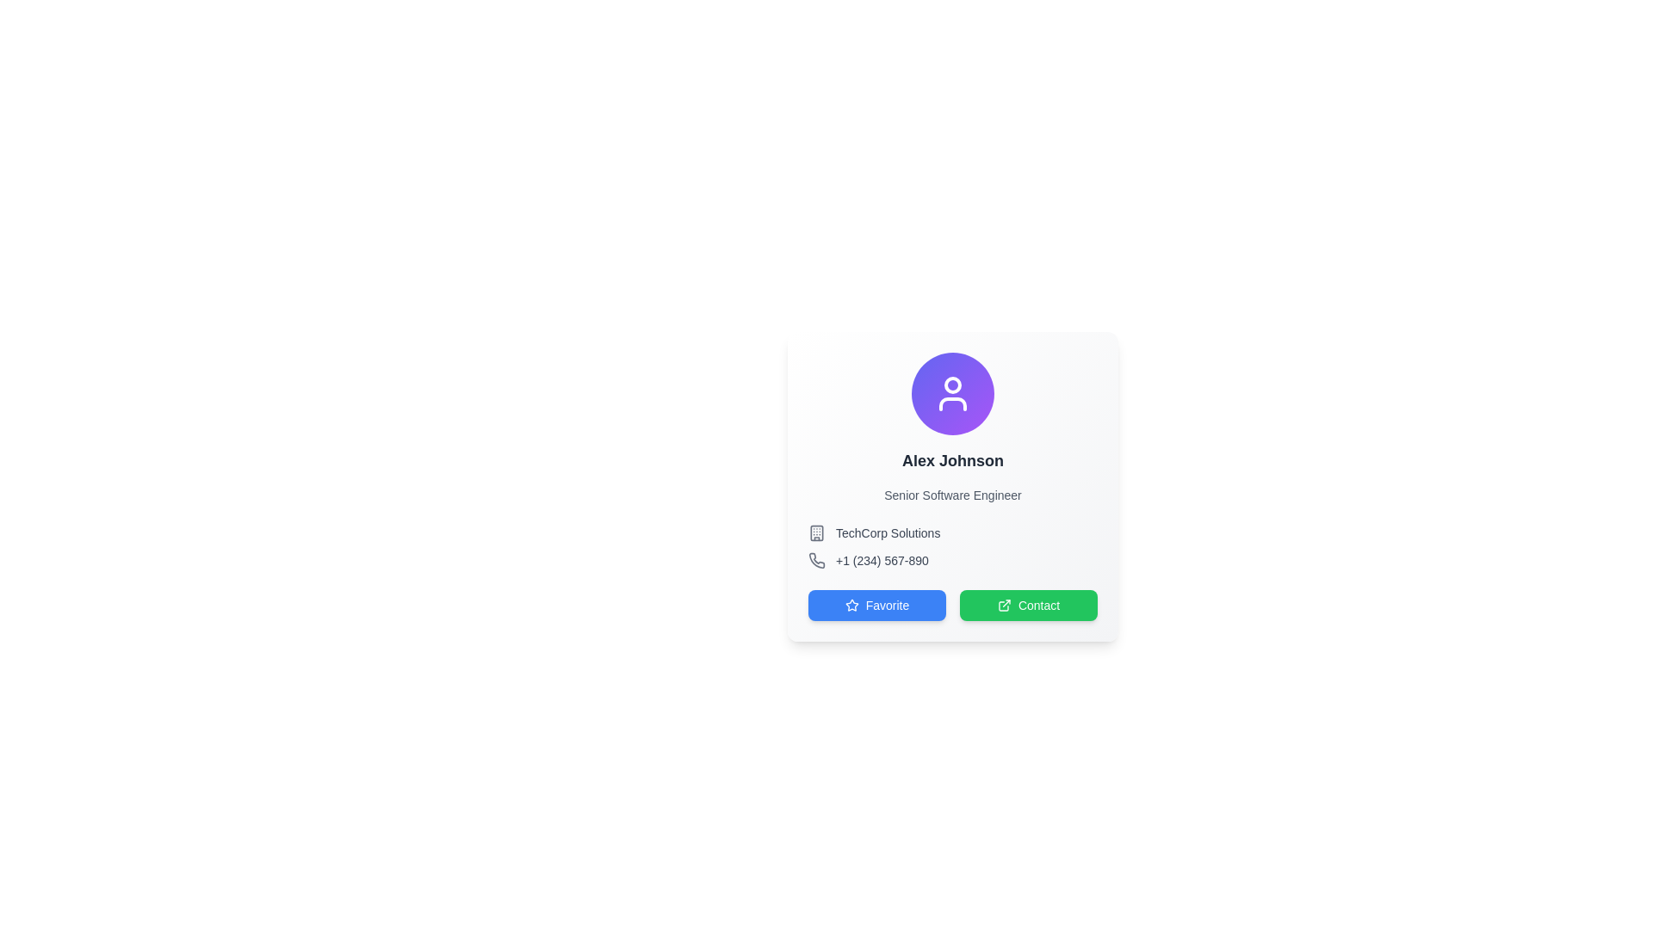  What do you see at coordinates (1004, 605) in the screenshot?
I see `the external link icon located within the green 'Contact' button at the bottom right of the card interface` at bounding box center [1004, 605].